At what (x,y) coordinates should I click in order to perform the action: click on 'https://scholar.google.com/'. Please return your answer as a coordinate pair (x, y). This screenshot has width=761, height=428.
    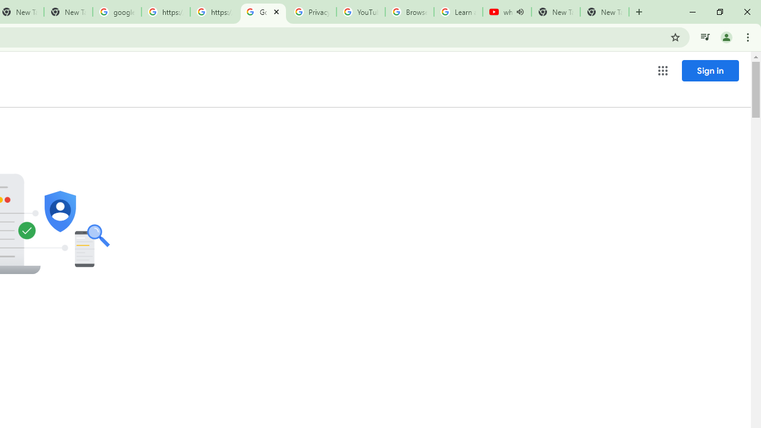
    Looking at the image, I should click on (165, 12).